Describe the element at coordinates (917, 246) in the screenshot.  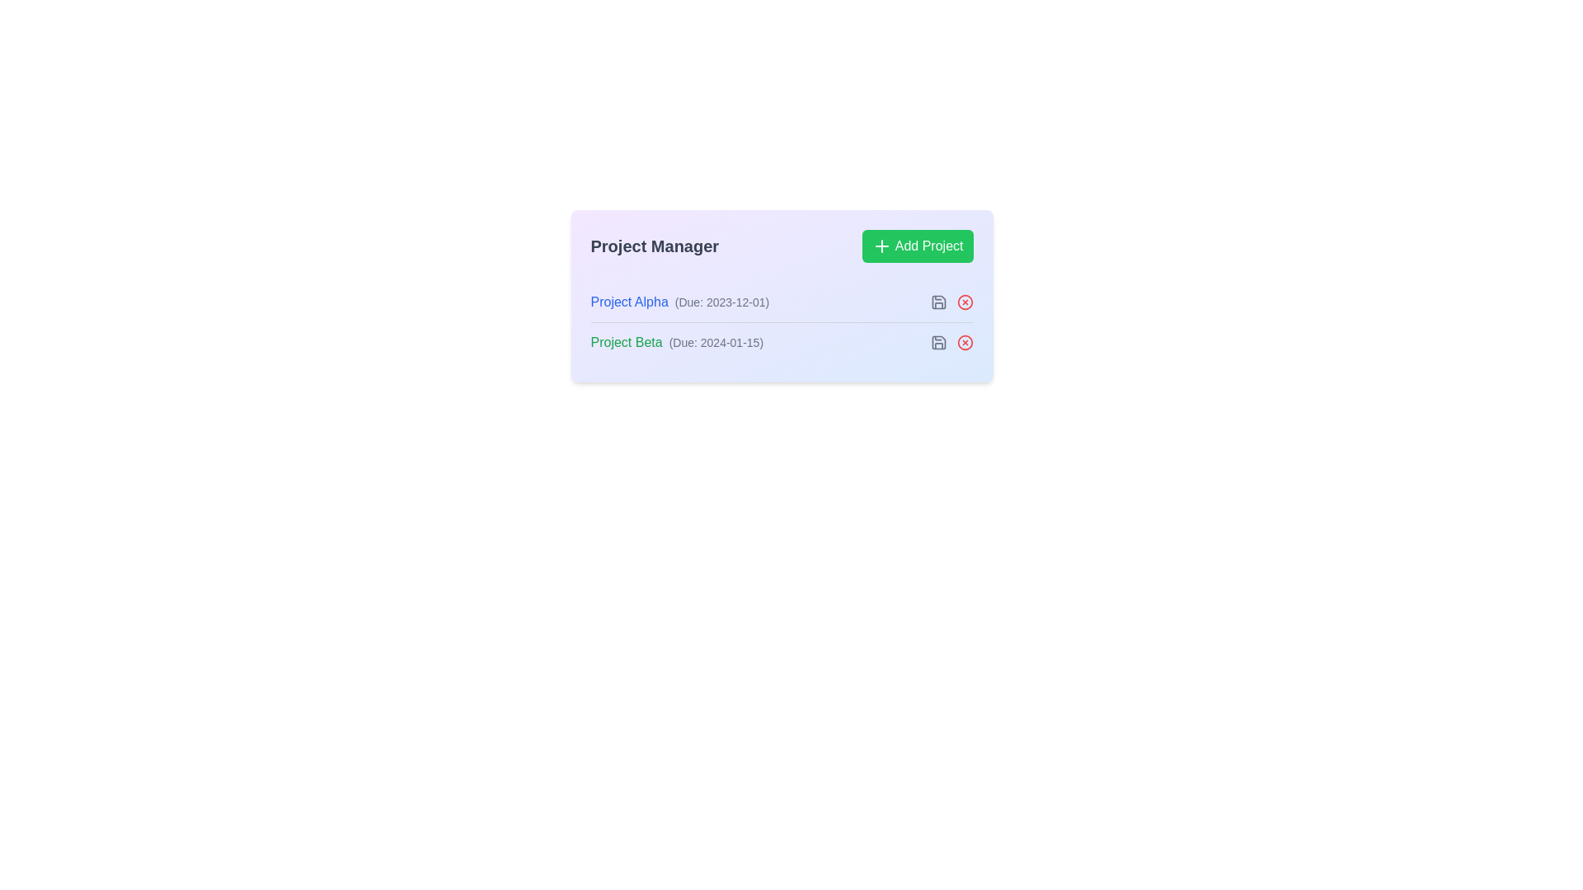
I see `the 'Add Project' button located in the top-right corner of the 'Project Manager' section, which has a green background and white text with a plus icon on the left` at that location.